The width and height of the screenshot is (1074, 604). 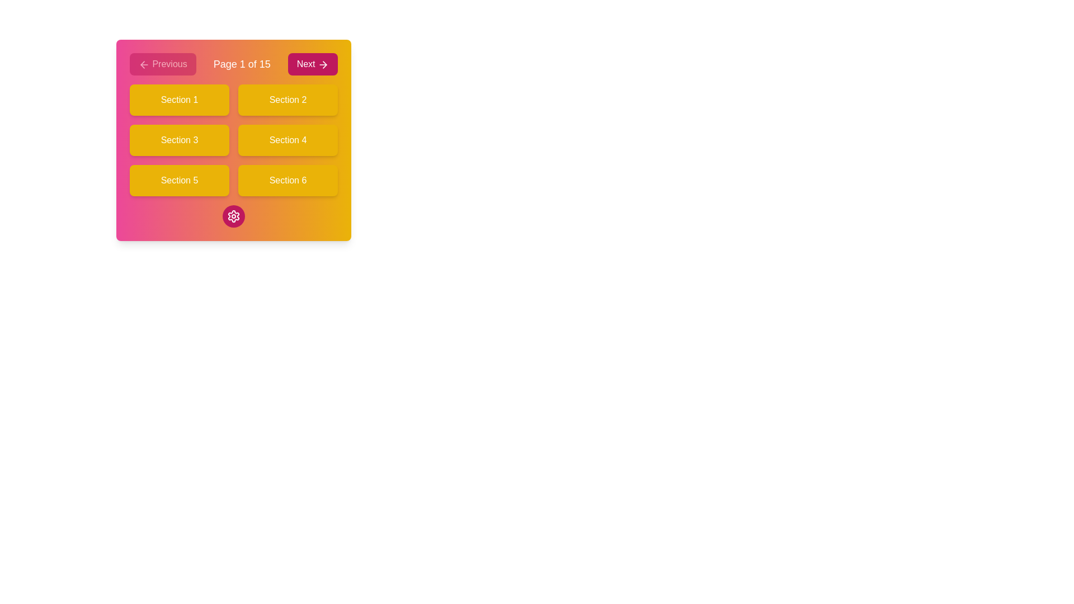 What do you see at coordinates (322, 64) in the screenshot?
I see `the 'Next' button icon, which visually signifies the action to proceed, located at the top-right of the primary card interface` at bounding box center [322, 64].